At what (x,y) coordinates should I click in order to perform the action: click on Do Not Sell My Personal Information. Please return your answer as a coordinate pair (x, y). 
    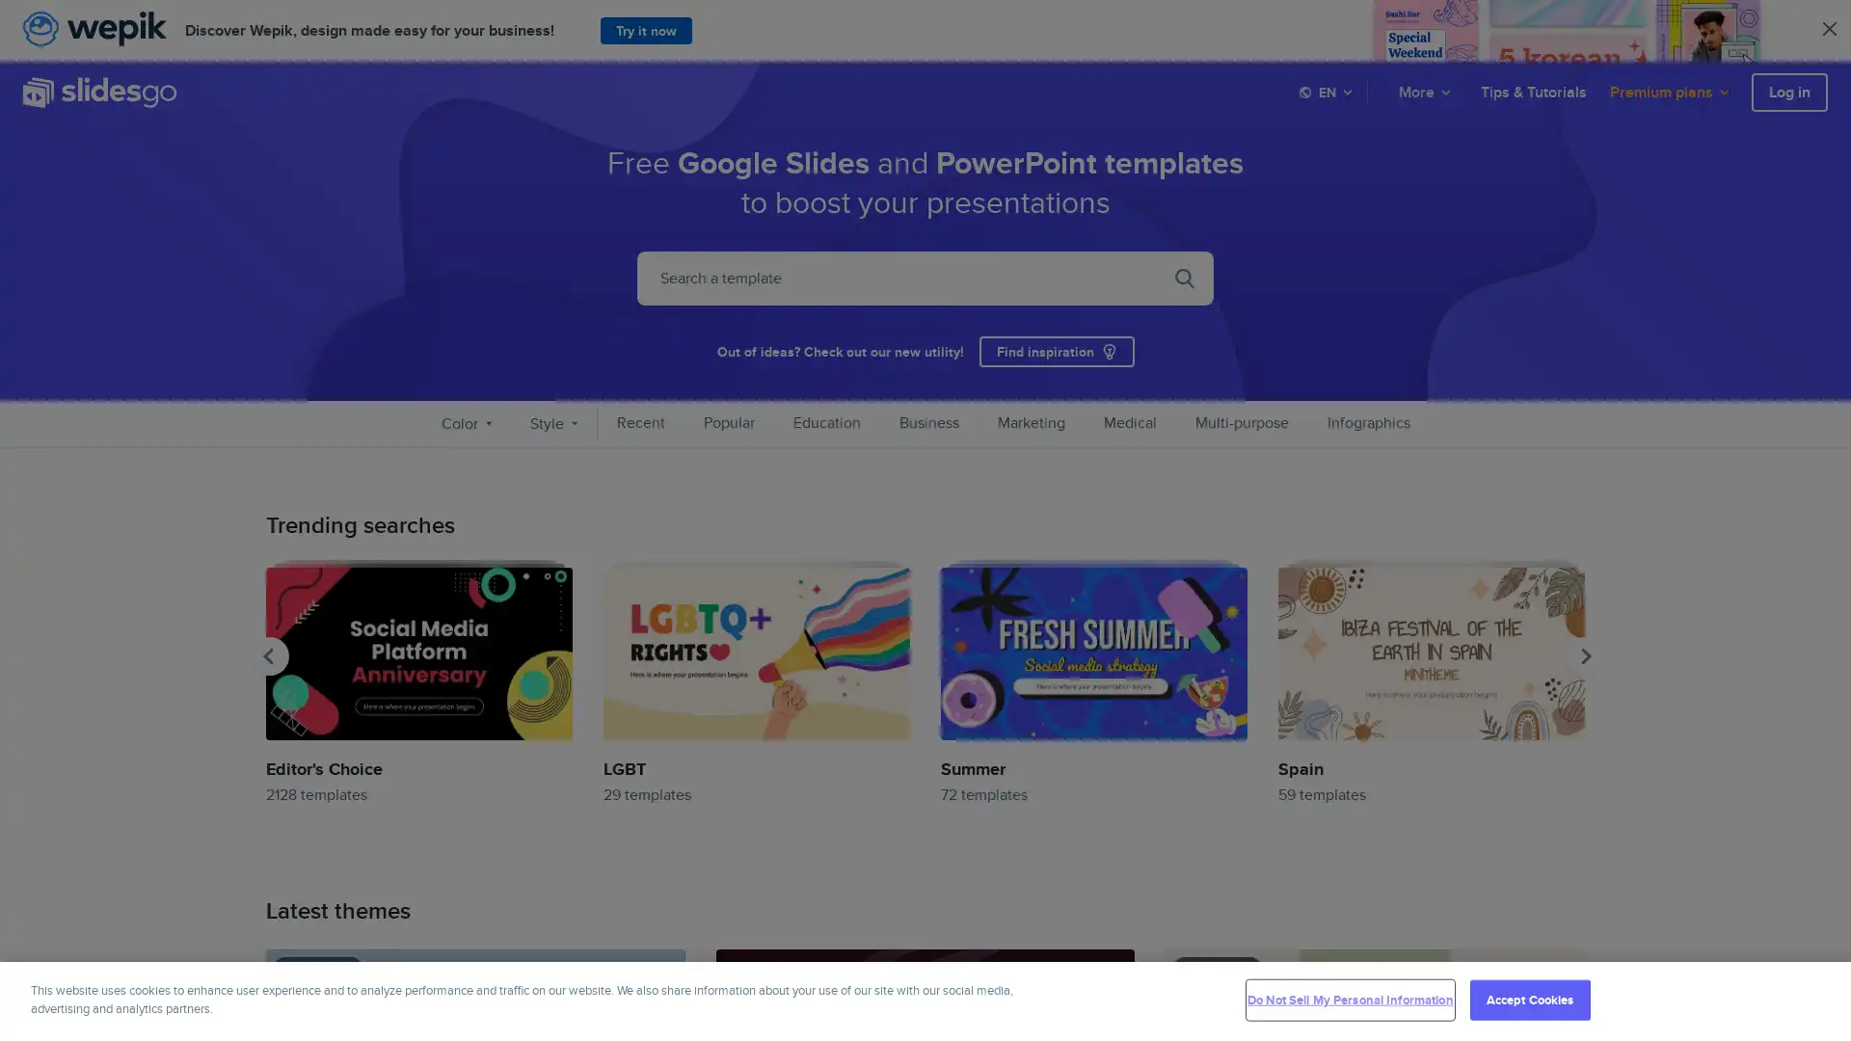
    Looking at the image, I should click on (1349, 999).